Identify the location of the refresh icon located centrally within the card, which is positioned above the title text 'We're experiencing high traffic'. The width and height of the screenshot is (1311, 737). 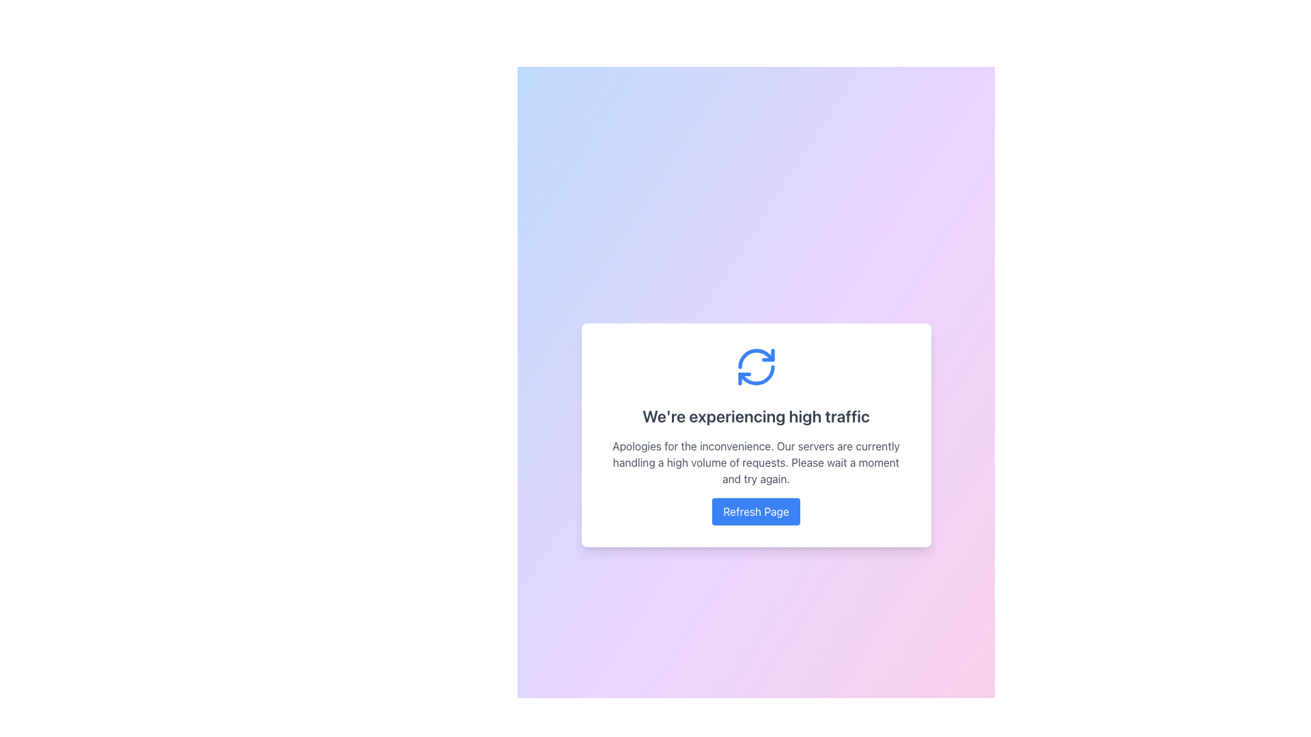
(755, 366).